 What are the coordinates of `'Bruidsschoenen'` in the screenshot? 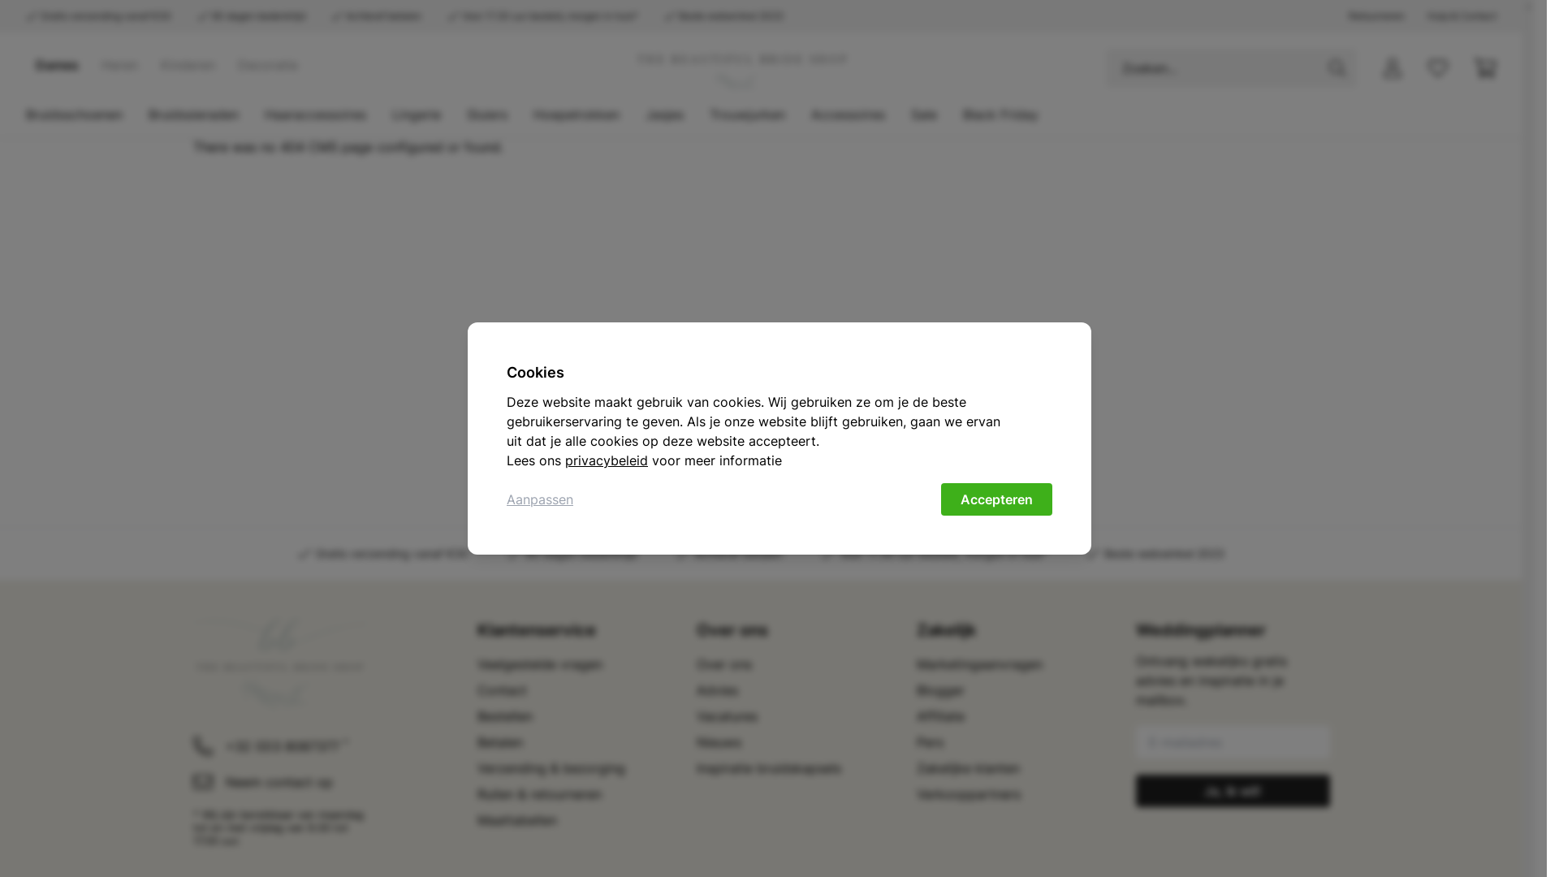 It's located at (73, 114).